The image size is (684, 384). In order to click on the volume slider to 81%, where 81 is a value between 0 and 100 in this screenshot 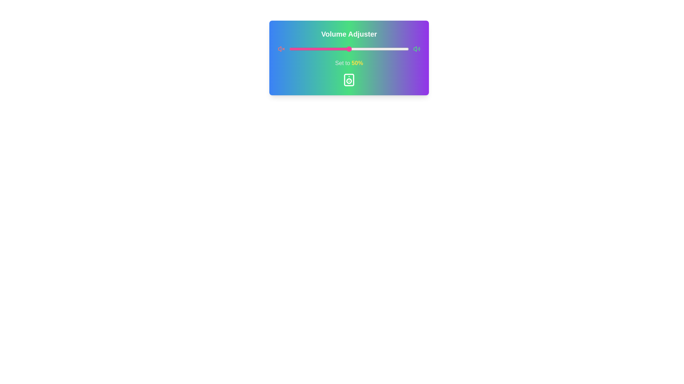, I will do `click(385, 49)`.